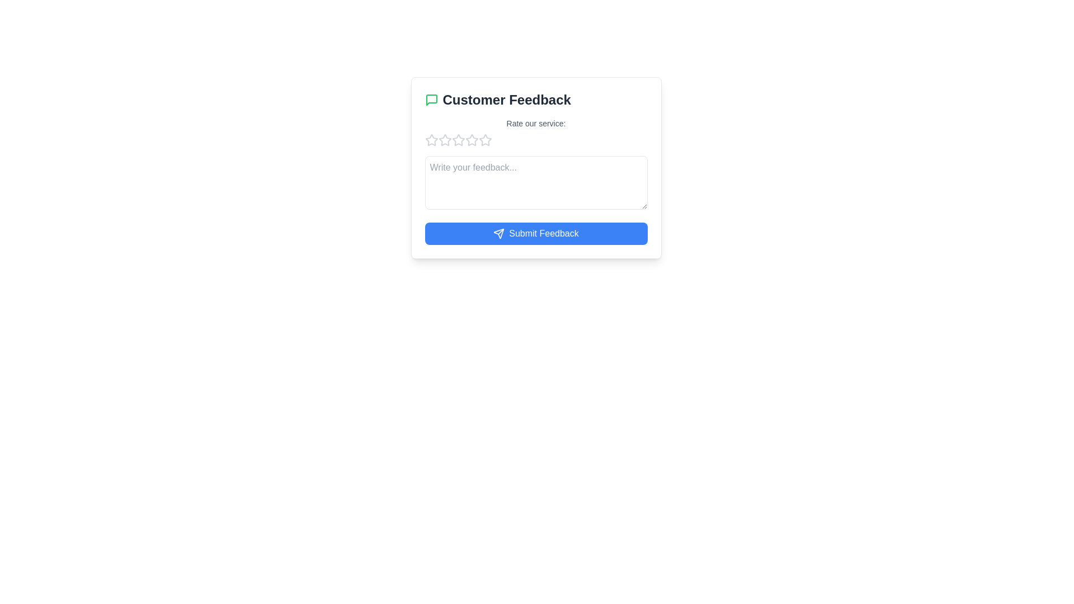  Describe the element at coordinates (458, 139) in the screenshot. I see `the second star in the rating system, which is located in a horizontal row of five stars above the text area and below the label 'Rate our service'` at that location.